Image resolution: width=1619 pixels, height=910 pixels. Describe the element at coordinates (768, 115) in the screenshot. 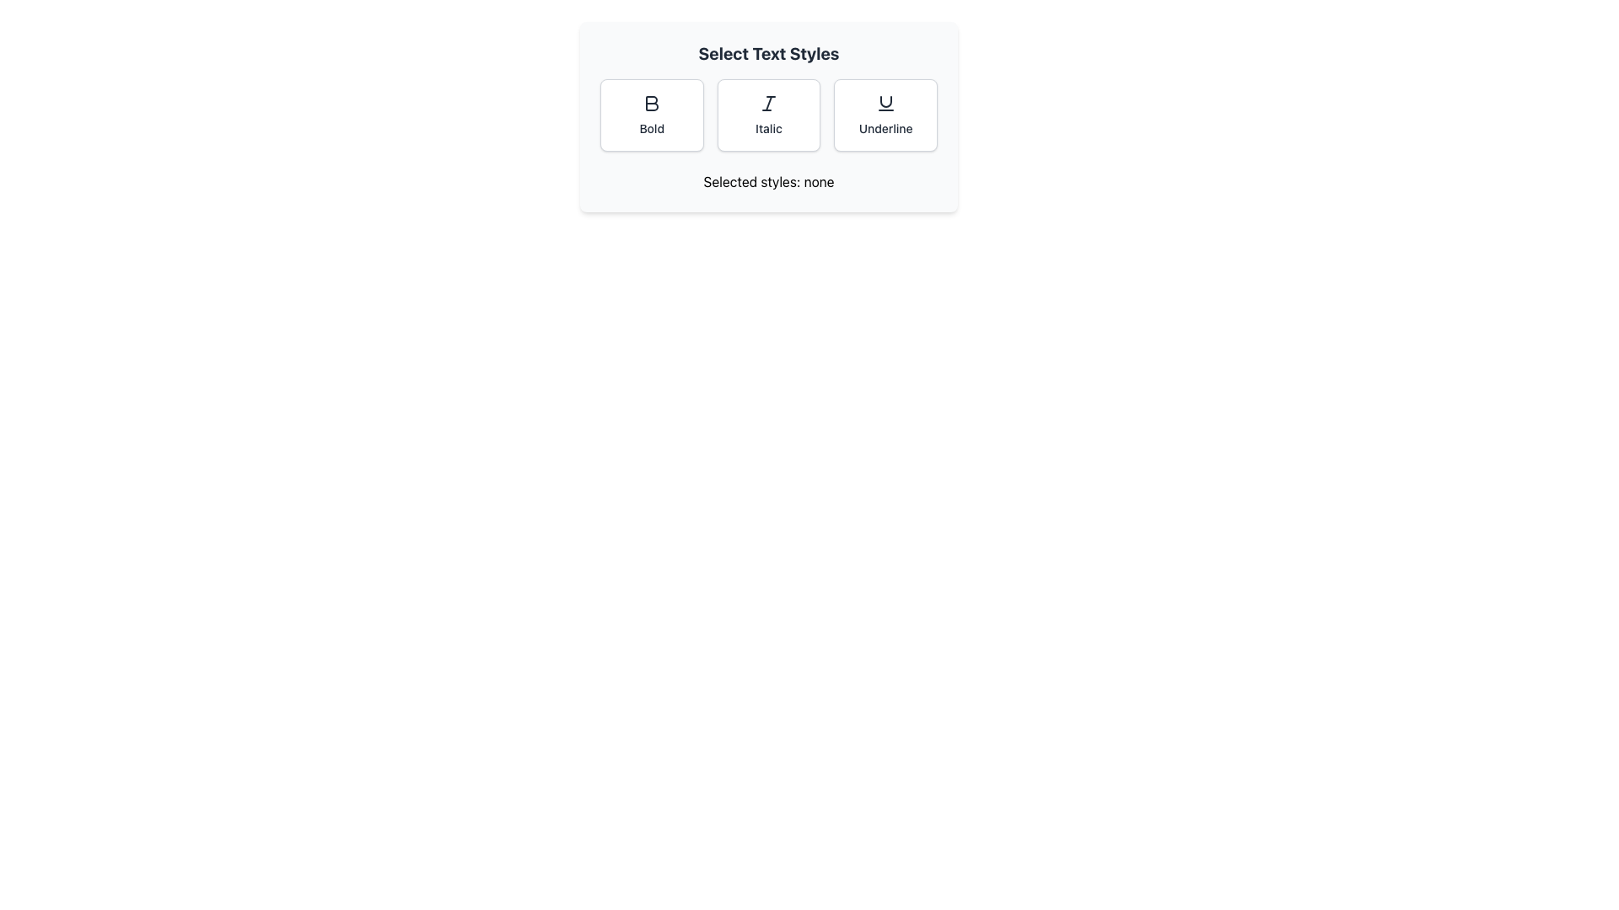

I see `the 'Italic' button, which is the second button in the grid of text style options located under 'Select Text Styles'` at that location.